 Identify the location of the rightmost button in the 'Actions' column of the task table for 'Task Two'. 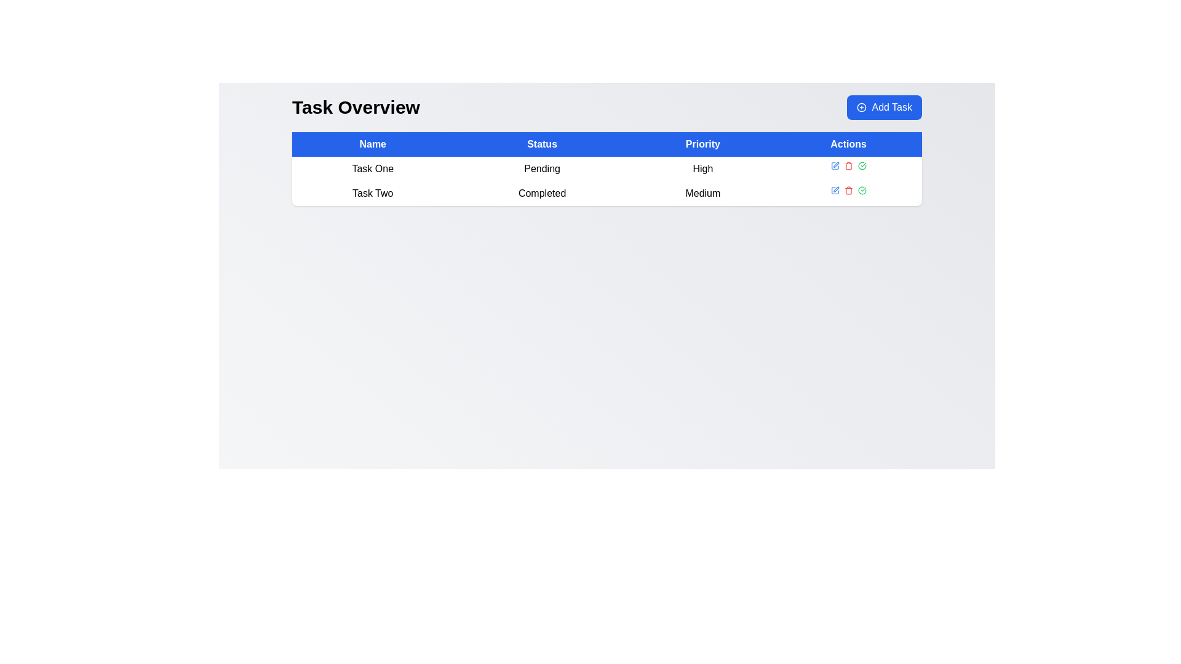
(861, 166).